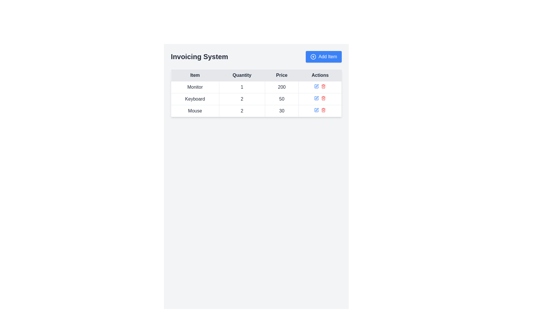  What do you see at coordinates (323, 110) in the screenshot?
I see `the delete icon in the 'Actions' column of the last row of the table` at bounding box center [323, 110].